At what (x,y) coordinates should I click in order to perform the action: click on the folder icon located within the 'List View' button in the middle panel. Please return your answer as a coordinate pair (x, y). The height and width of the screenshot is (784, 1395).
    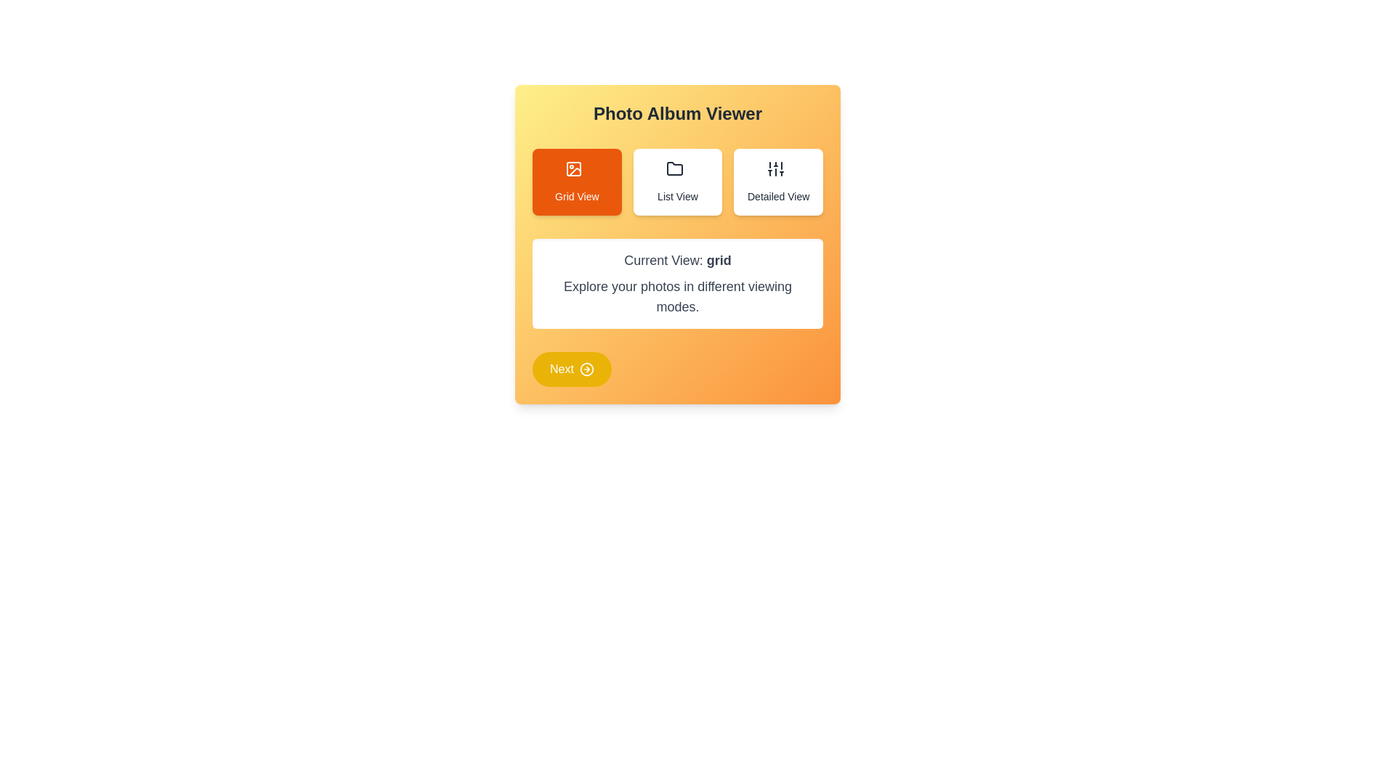
    Looking at the image, I should click on (676, 171).